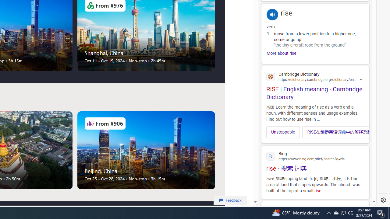 The width and height of the screenshot is (390, 219). I want to click on 'Airlines Logo', so click(90, 123).